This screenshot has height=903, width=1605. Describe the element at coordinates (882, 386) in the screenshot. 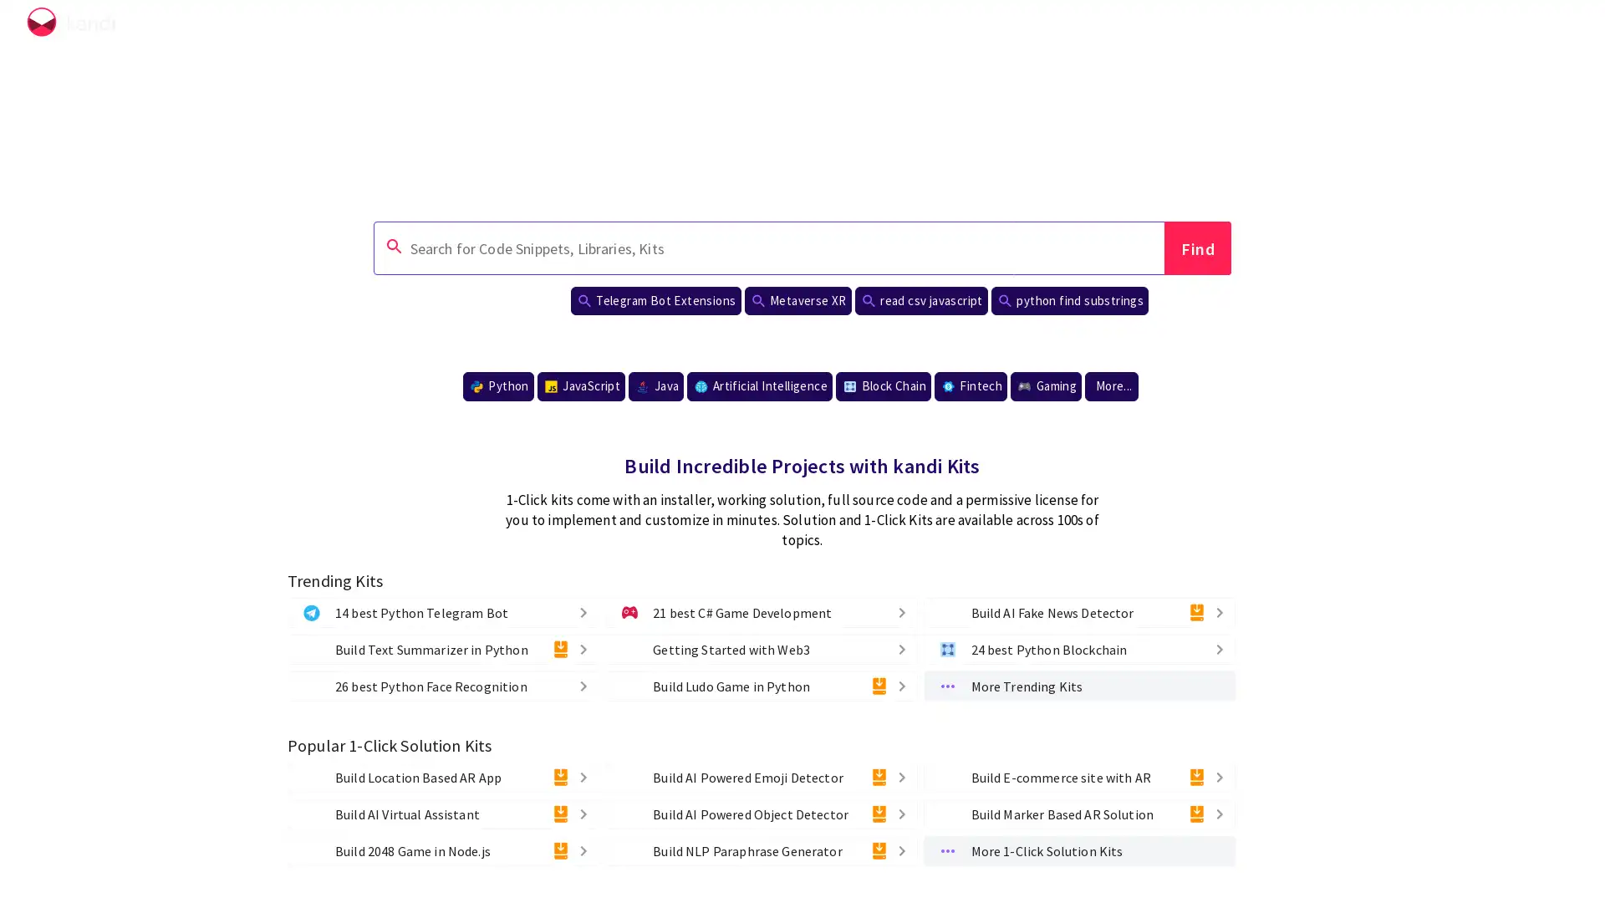

I see `search icon Block Chain` at that location.